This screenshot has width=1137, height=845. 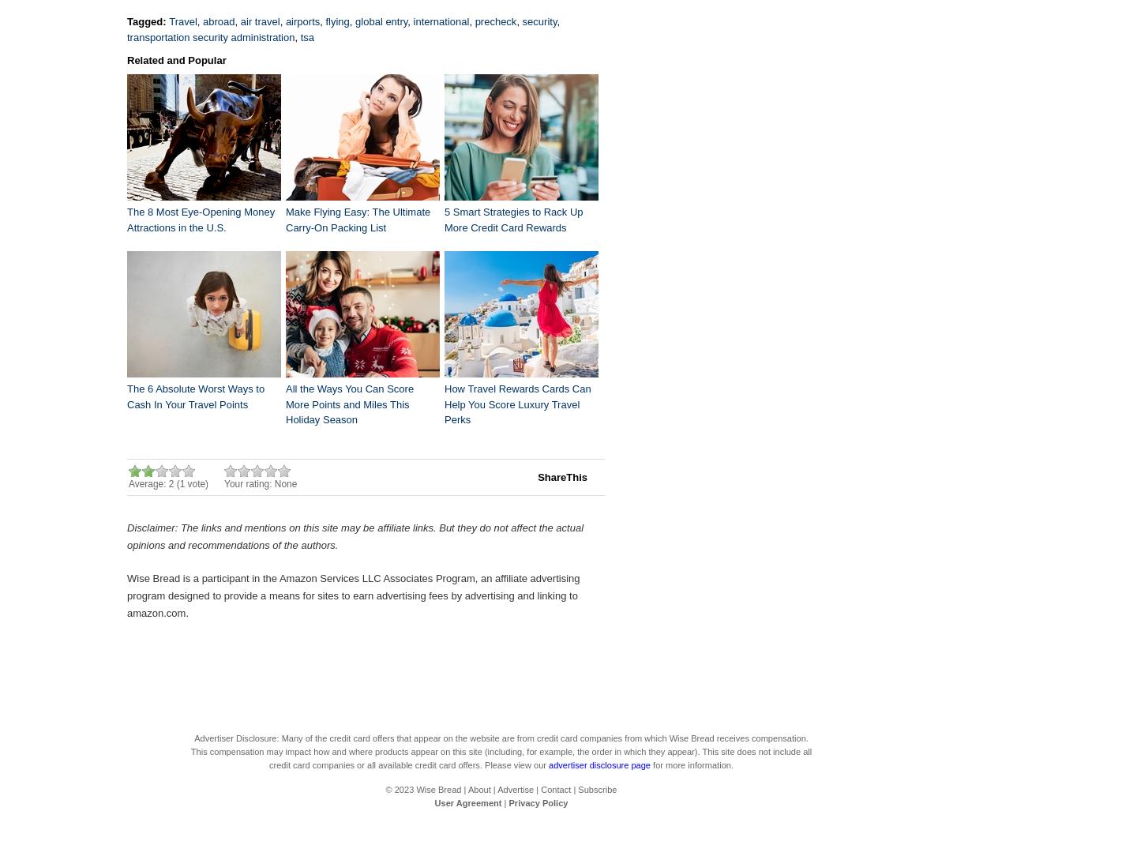 What do you see at coordinates (691, 764) in the screenshot?
I see `'for more information.'` at bounding box center [691, 764].